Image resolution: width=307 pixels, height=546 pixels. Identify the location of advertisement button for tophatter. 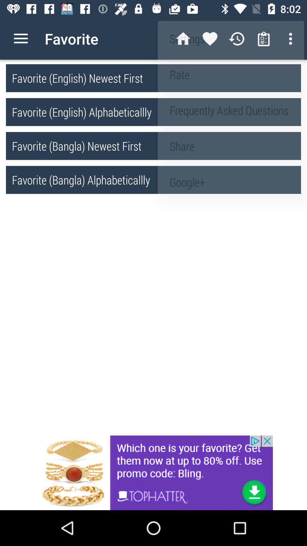
(153, 473).